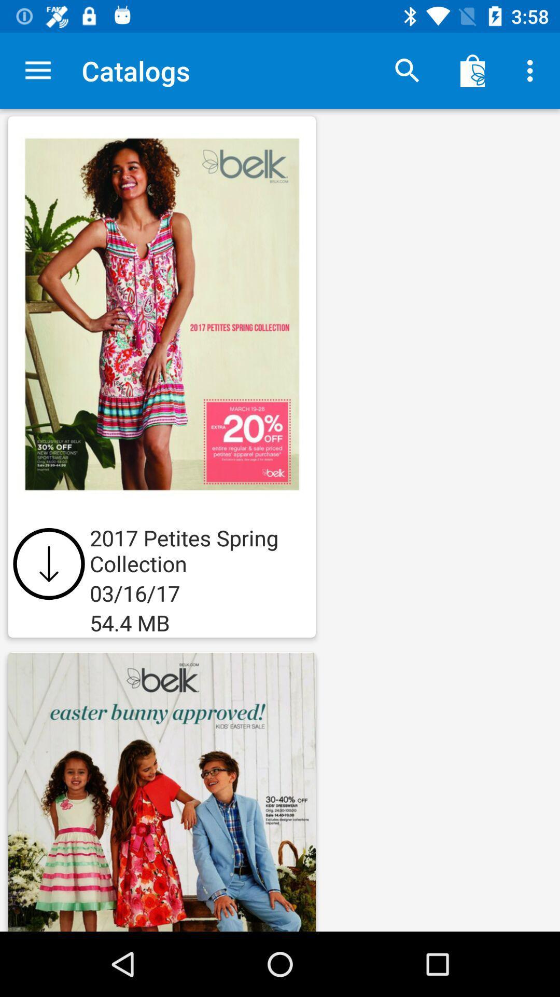 The image size is (560, 997). I want to click on the item to the left of 2017 petites spring item, so click(49, 563).